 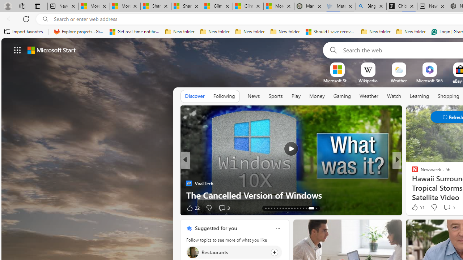 I want to click on 'Restaurants', so click(x=192, y=252).